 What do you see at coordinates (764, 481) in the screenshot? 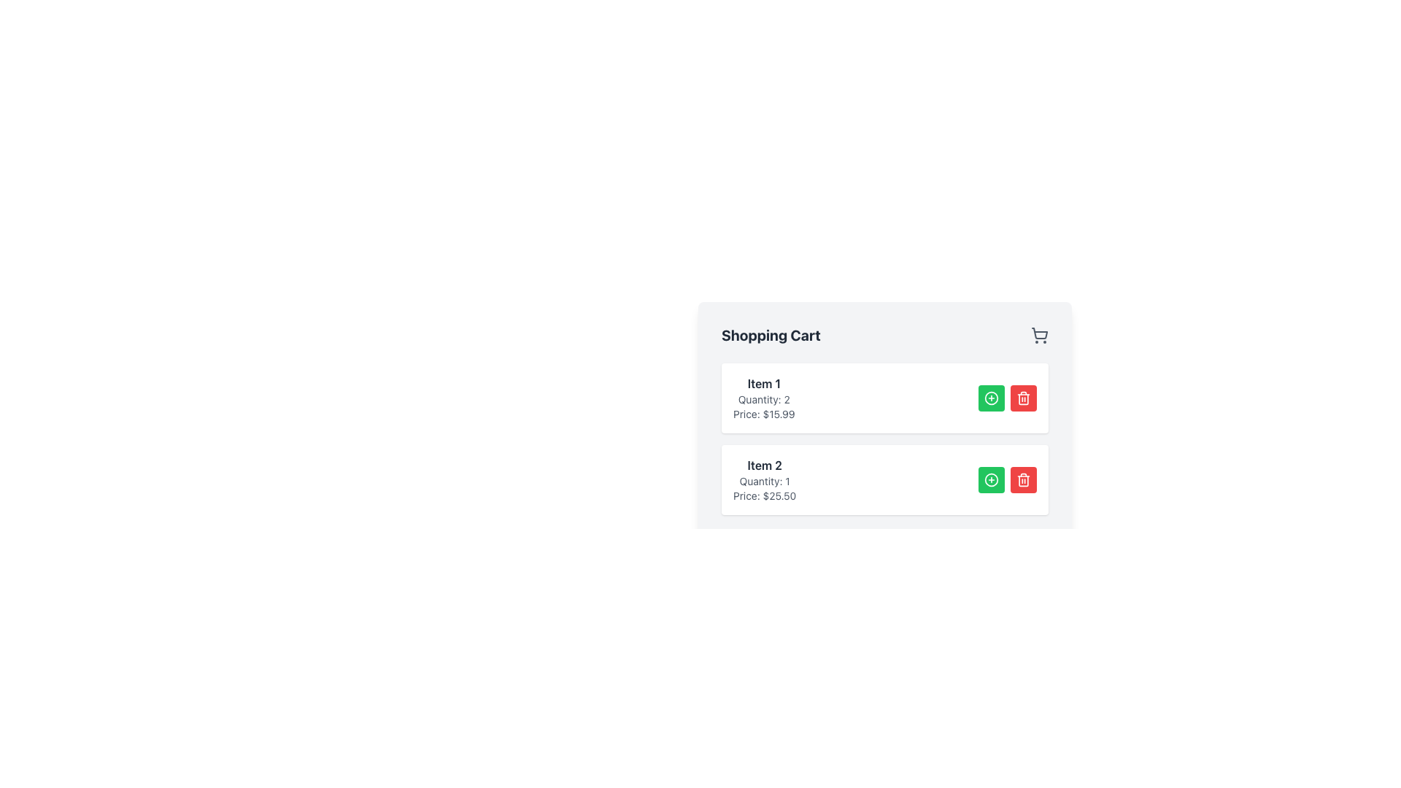
I see `the Static Text displaying the quantity of 'Item 2' in the shopping cart, which is located directly below the 'Item 2' label and above the 'Price: $25.50' label` at bounding box center [764, 481].